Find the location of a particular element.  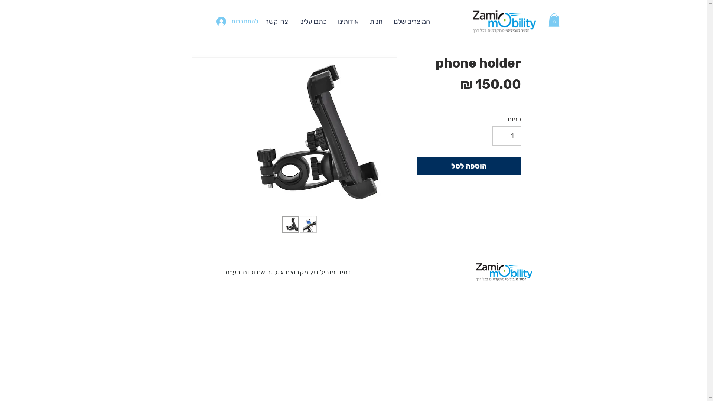

'0' is located at coordinates (554, 20).